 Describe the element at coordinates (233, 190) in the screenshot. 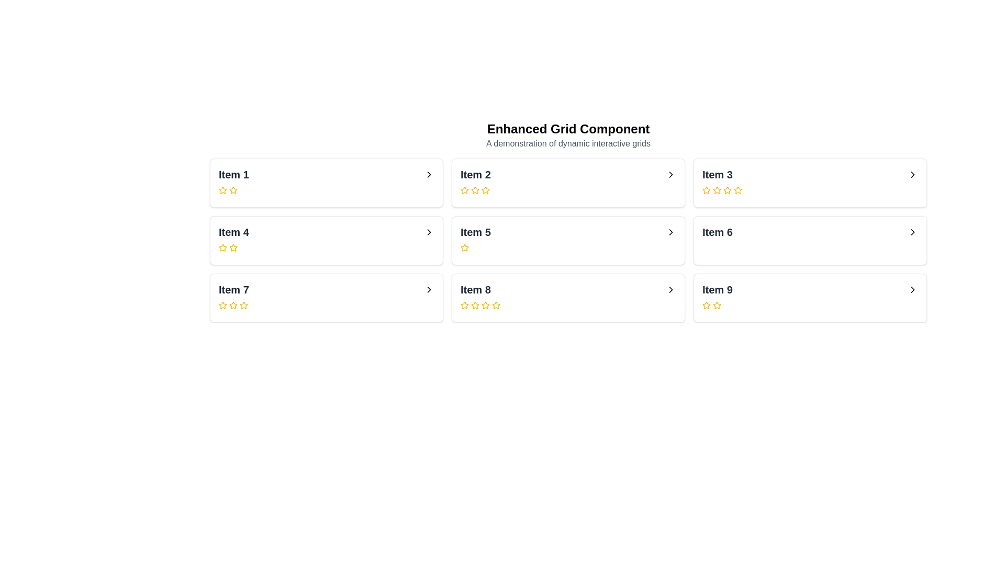

I see `the first yellow star icon for rating located directly under the 'Item 1' label using the keyboard` at that location.